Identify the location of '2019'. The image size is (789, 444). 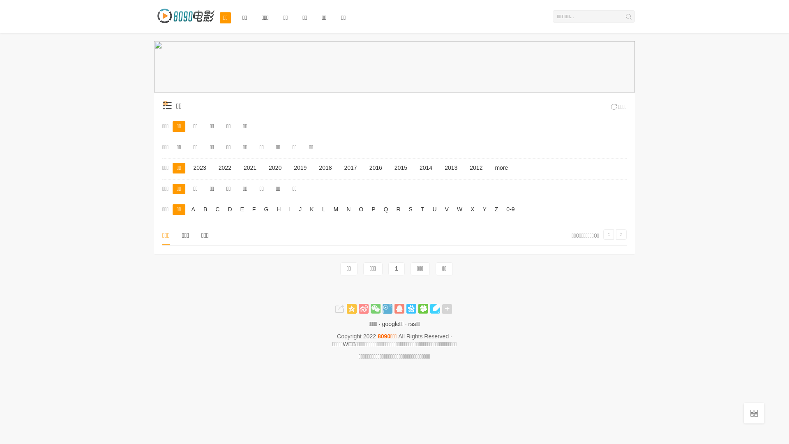
(290, 167).